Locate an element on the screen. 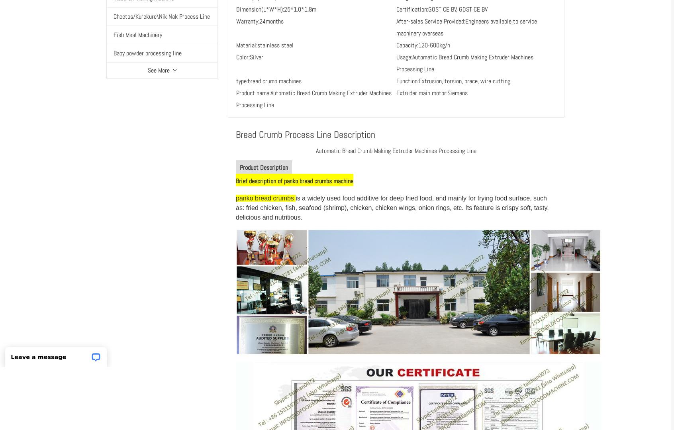  'type:bread crumb machines' is located at coordinates (236, 81).